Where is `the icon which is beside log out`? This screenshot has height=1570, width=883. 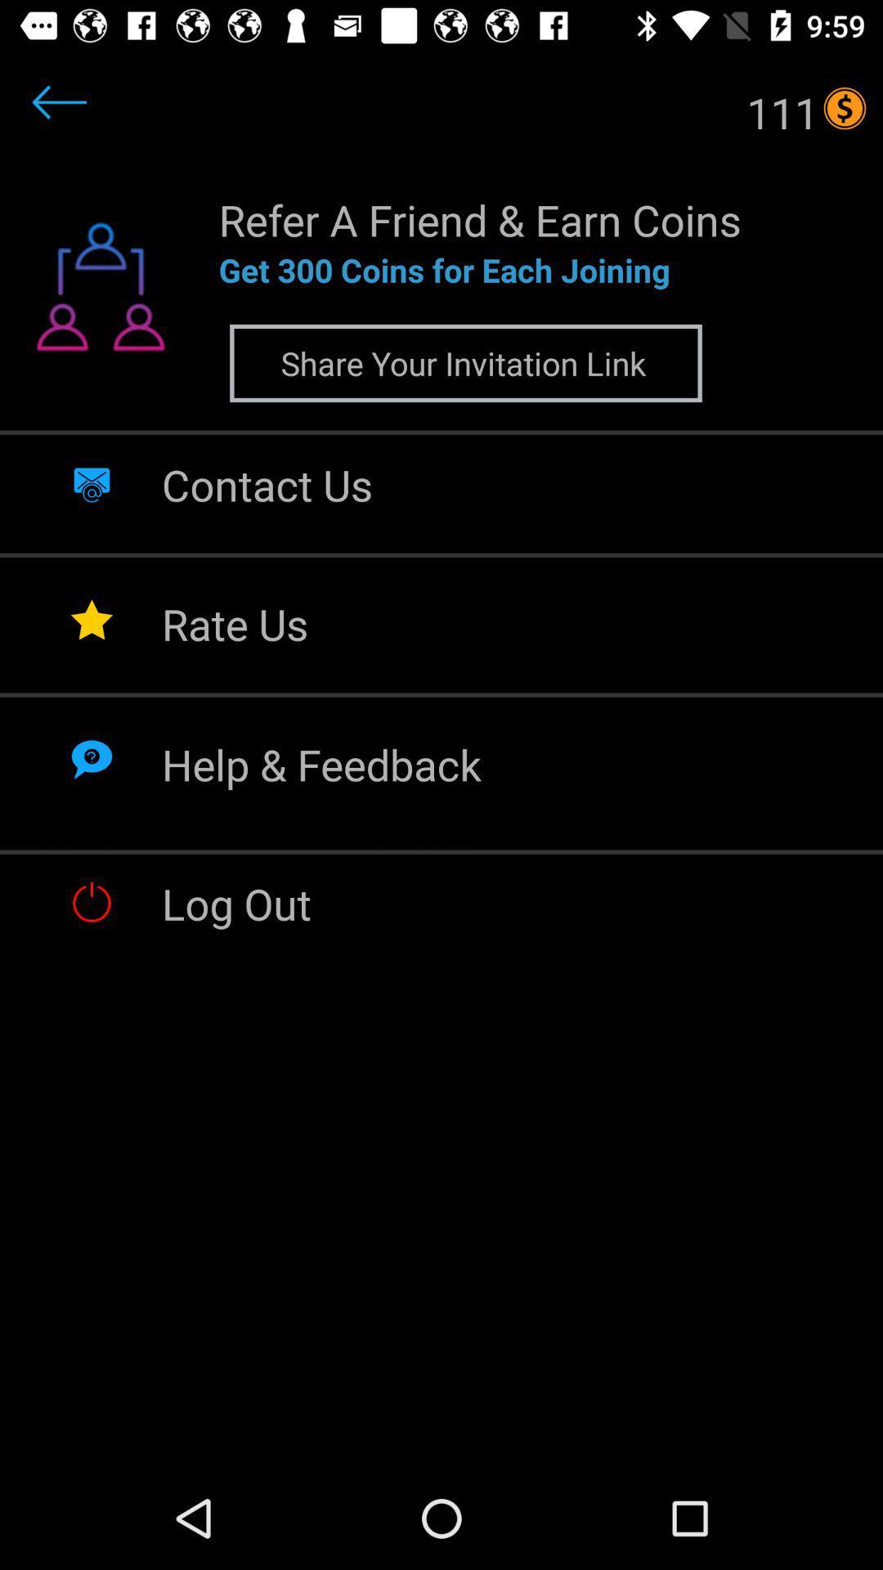 the icon which is beside log out is located at coordinates (92, 901).